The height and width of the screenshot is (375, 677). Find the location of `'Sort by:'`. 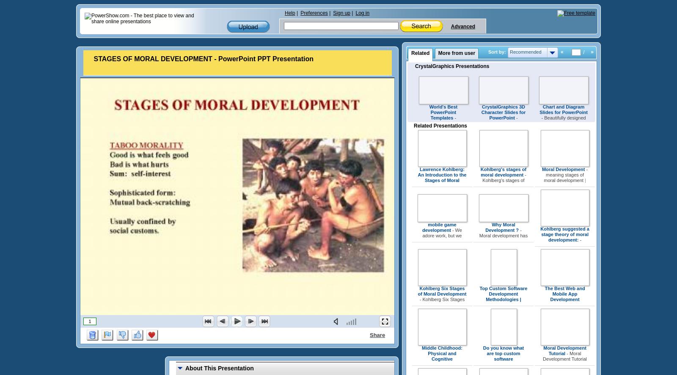

'Sort by:' is located at coordinates (497, 52).